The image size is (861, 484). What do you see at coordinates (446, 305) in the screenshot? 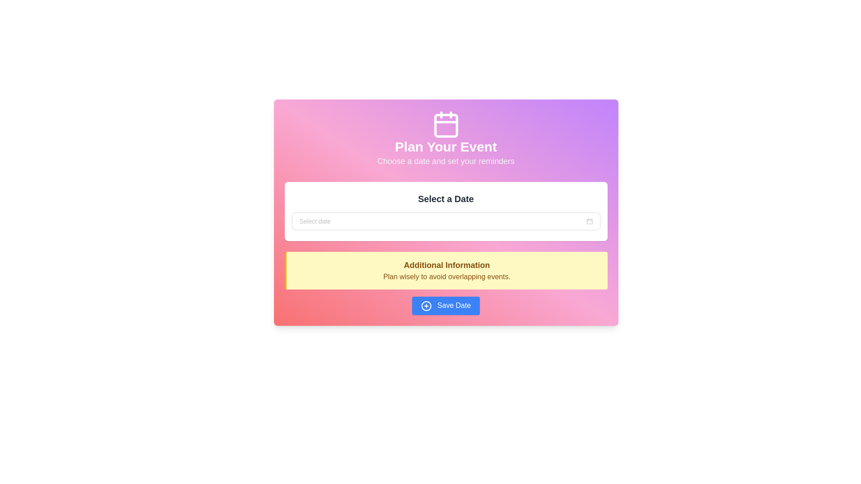
I see `the prominent blue button labeled 'Save Date' with a plus-circle icon` at bounding box center [446, 305].